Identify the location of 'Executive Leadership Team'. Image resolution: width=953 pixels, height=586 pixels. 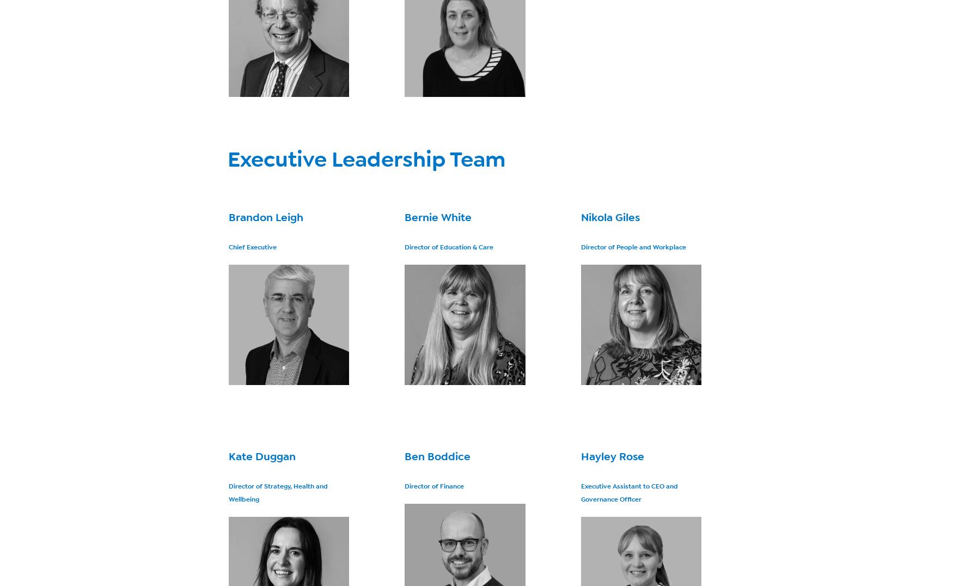
(365, 158).